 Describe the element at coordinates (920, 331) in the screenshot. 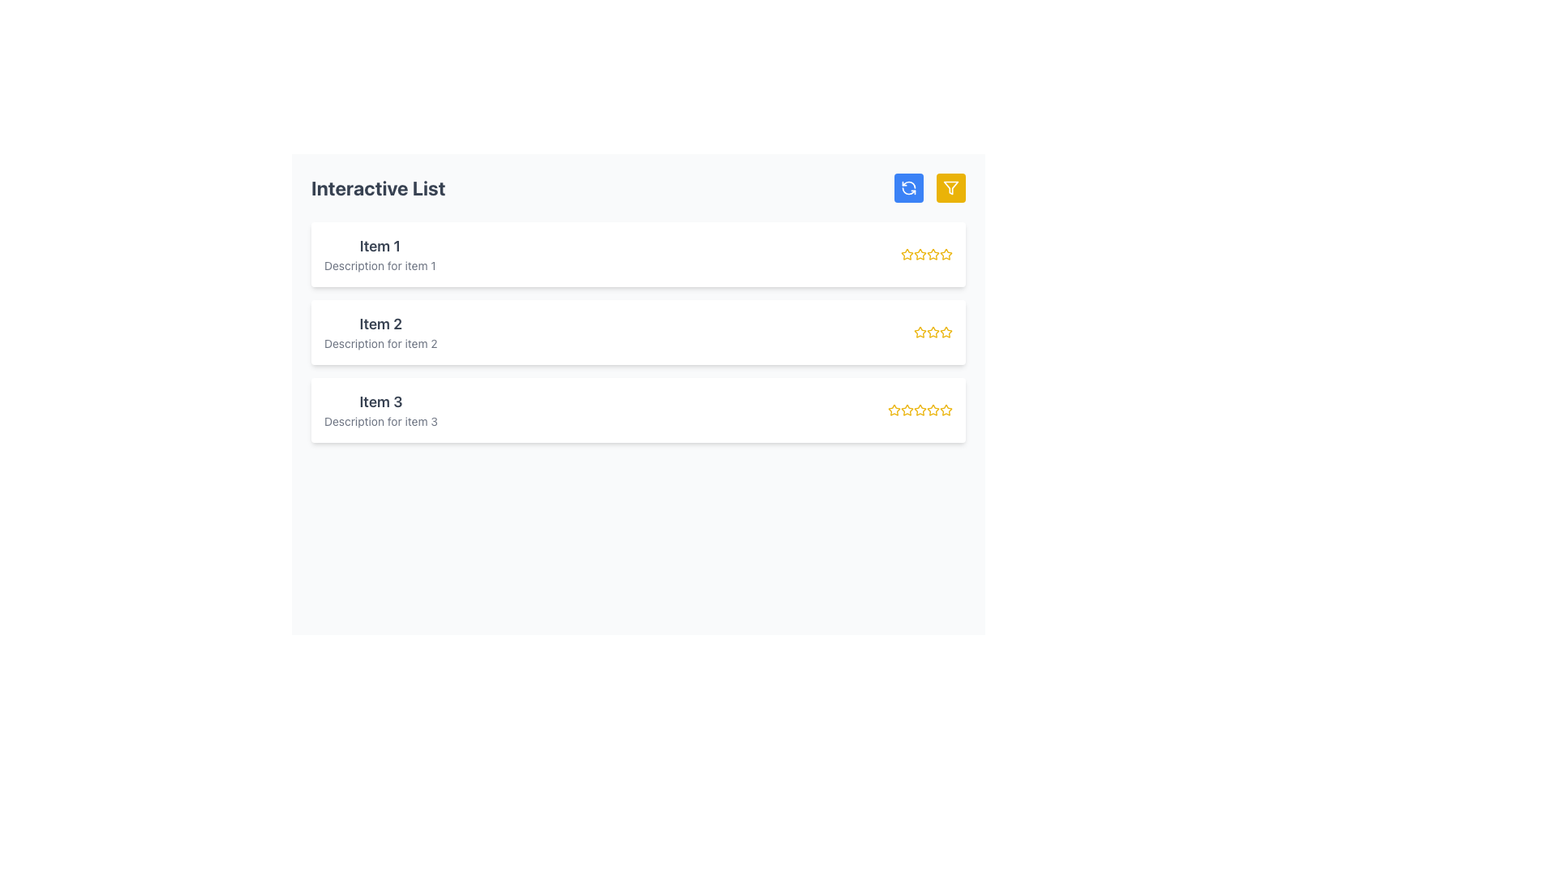

I see `the yellow star-shaped rating icon located` at that location.